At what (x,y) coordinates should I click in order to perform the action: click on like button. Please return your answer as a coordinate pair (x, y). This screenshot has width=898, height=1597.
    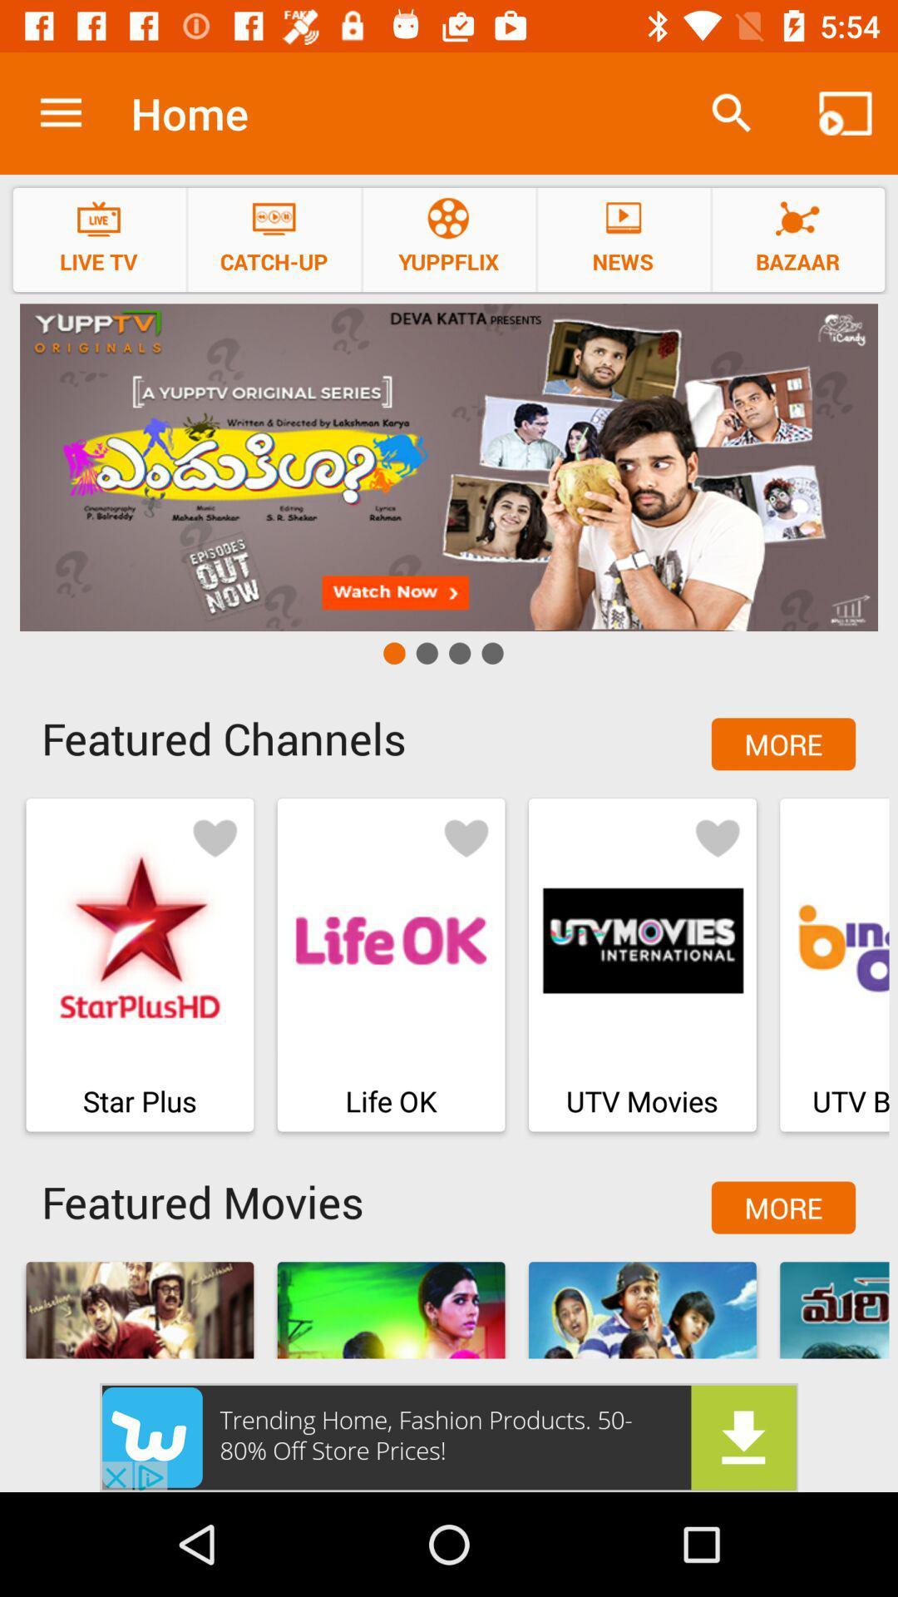
    Looking at the image, I should click on (717, 837).